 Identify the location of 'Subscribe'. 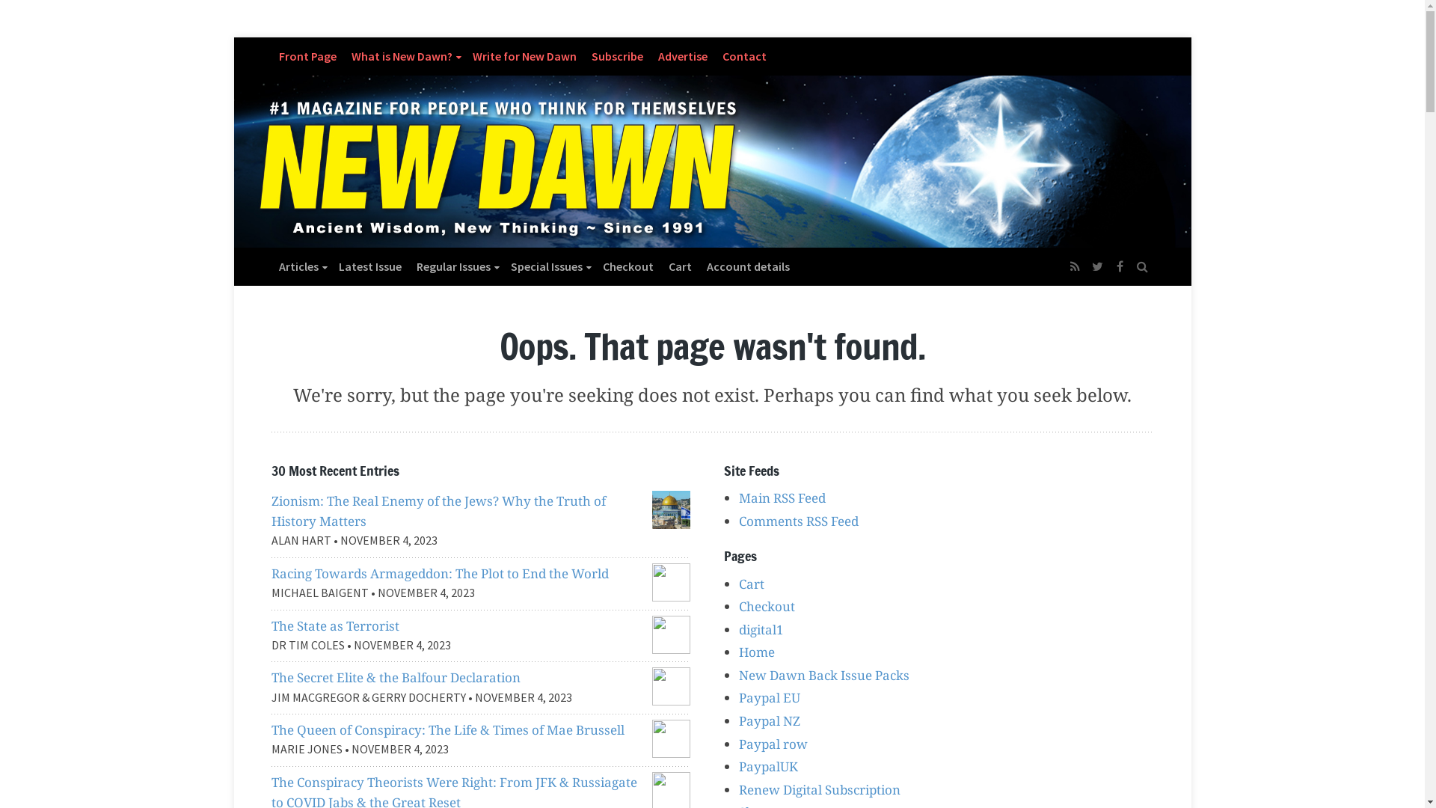
(616, 55).